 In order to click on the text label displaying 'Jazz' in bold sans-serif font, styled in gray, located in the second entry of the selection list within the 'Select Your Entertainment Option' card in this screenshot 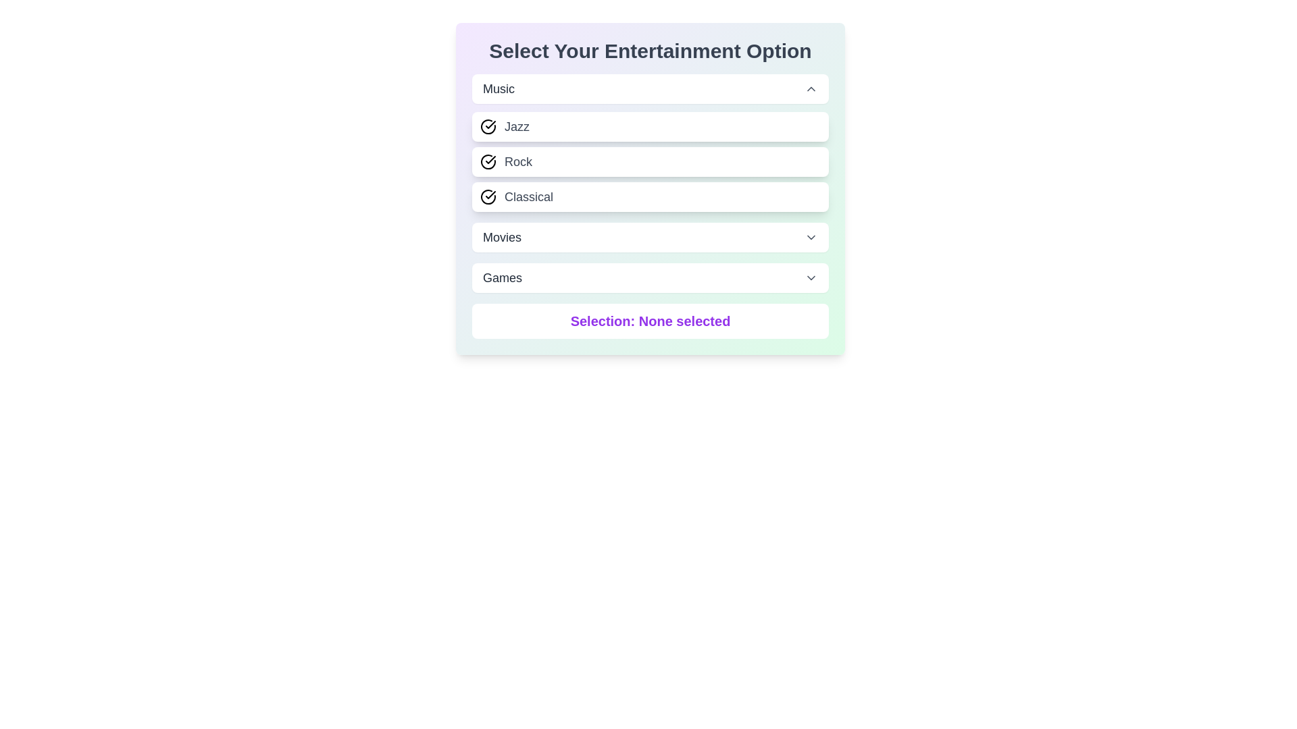, I will do `click(516, 127)`.